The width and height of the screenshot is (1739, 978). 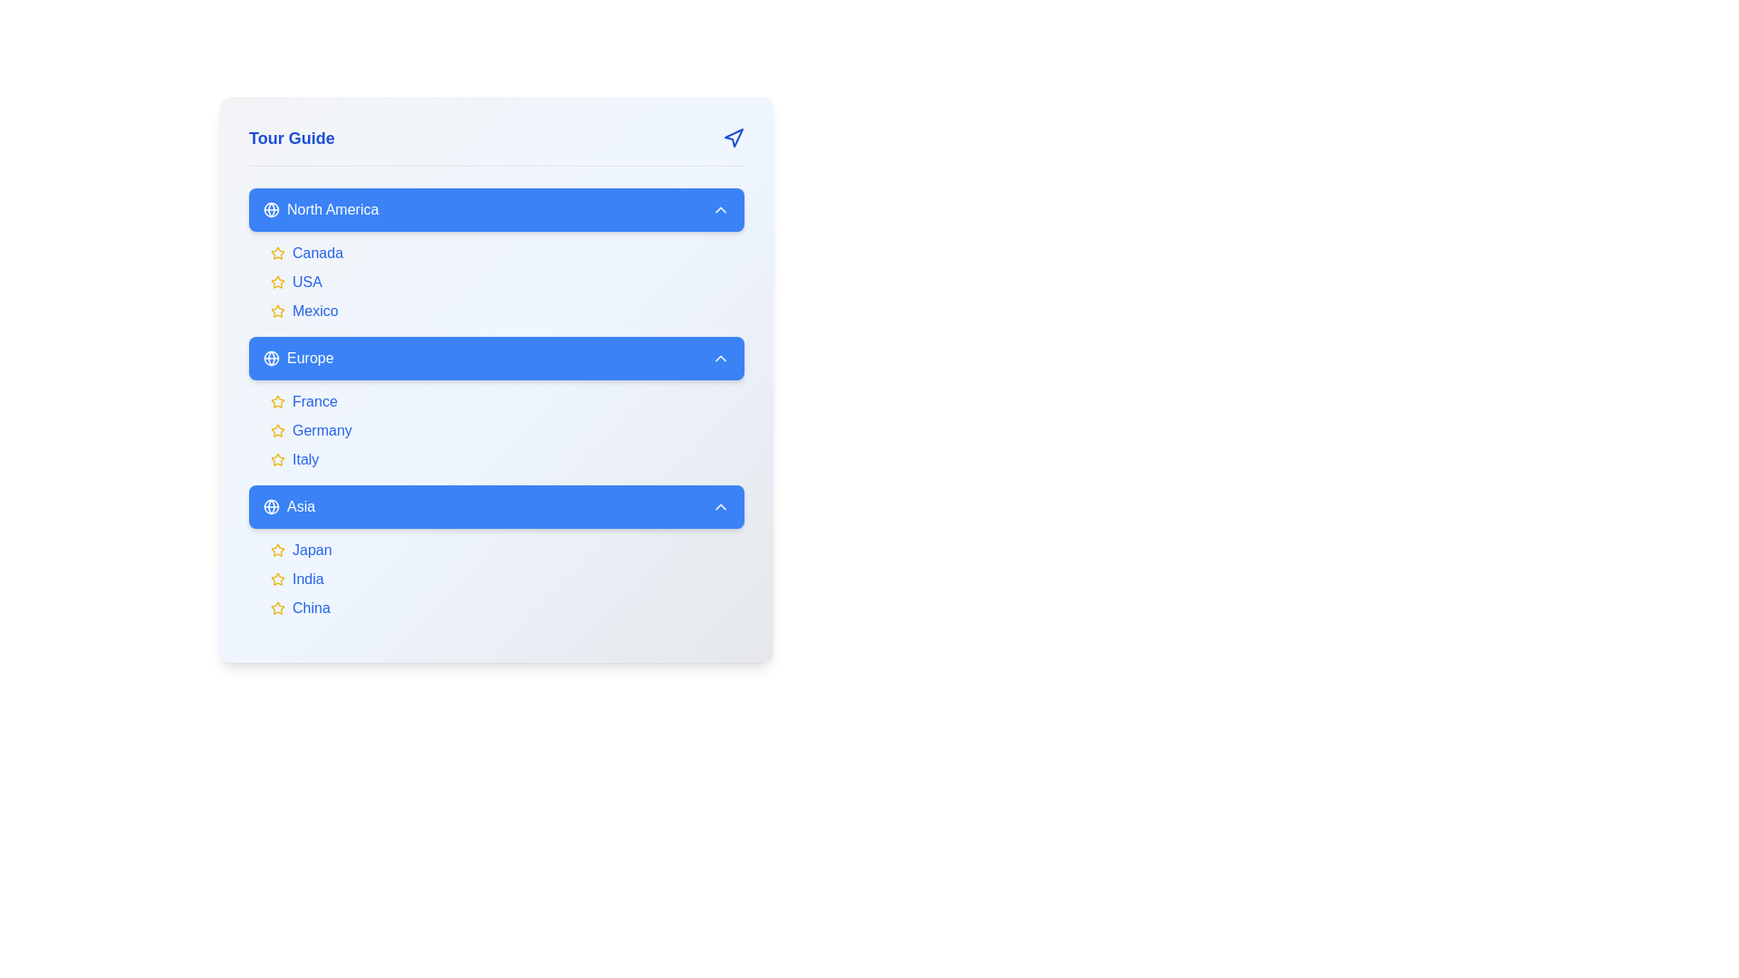 What do you see at coordinates (496, 551) in the screenshot?
I see `each listed item ('Japan', 'India', 'China') under the 'Asia' collapsible section in the Tour Guide sidebar` at bounding box center [496, 551].